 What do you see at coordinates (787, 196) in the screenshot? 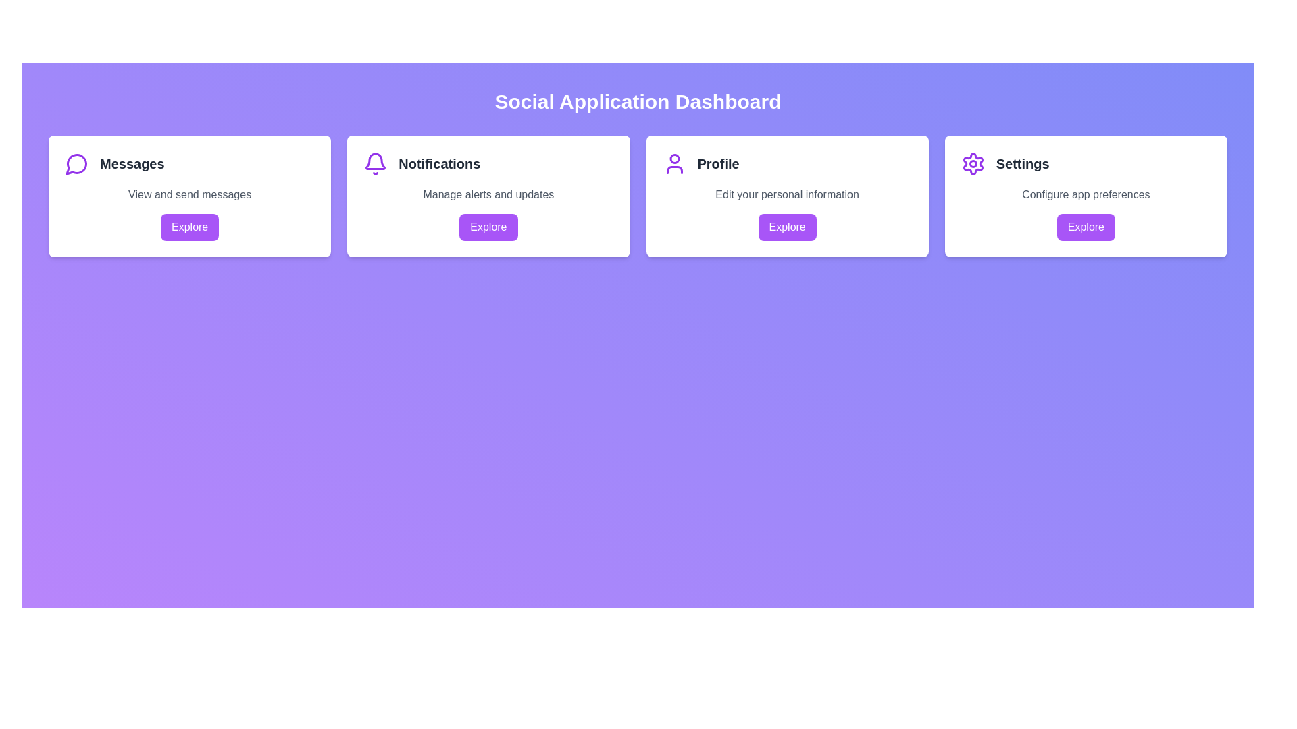
I see `the 'Explore' button located at the bottom of the user profile section in the third card titled 'Profile'` at bounding box center [787, 196].